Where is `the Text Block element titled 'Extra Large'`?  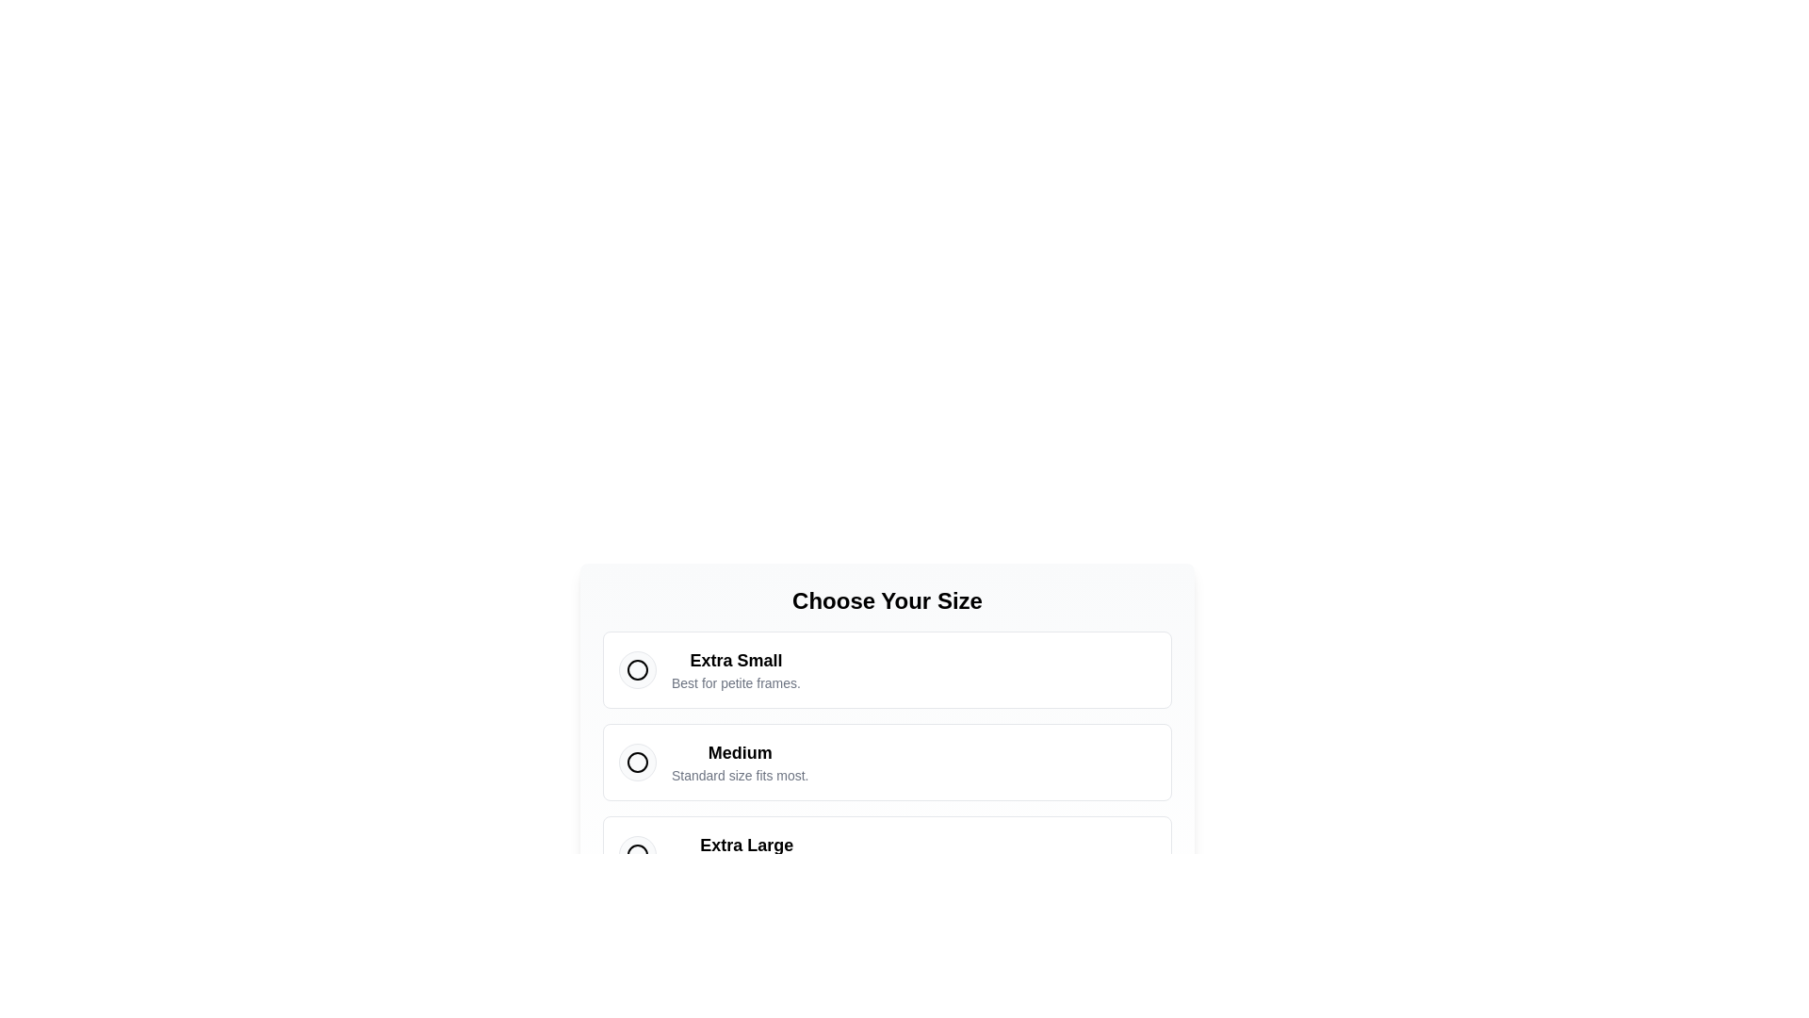 the Text Block element titled 'Extra Large' is located at coordinates (745, 854).